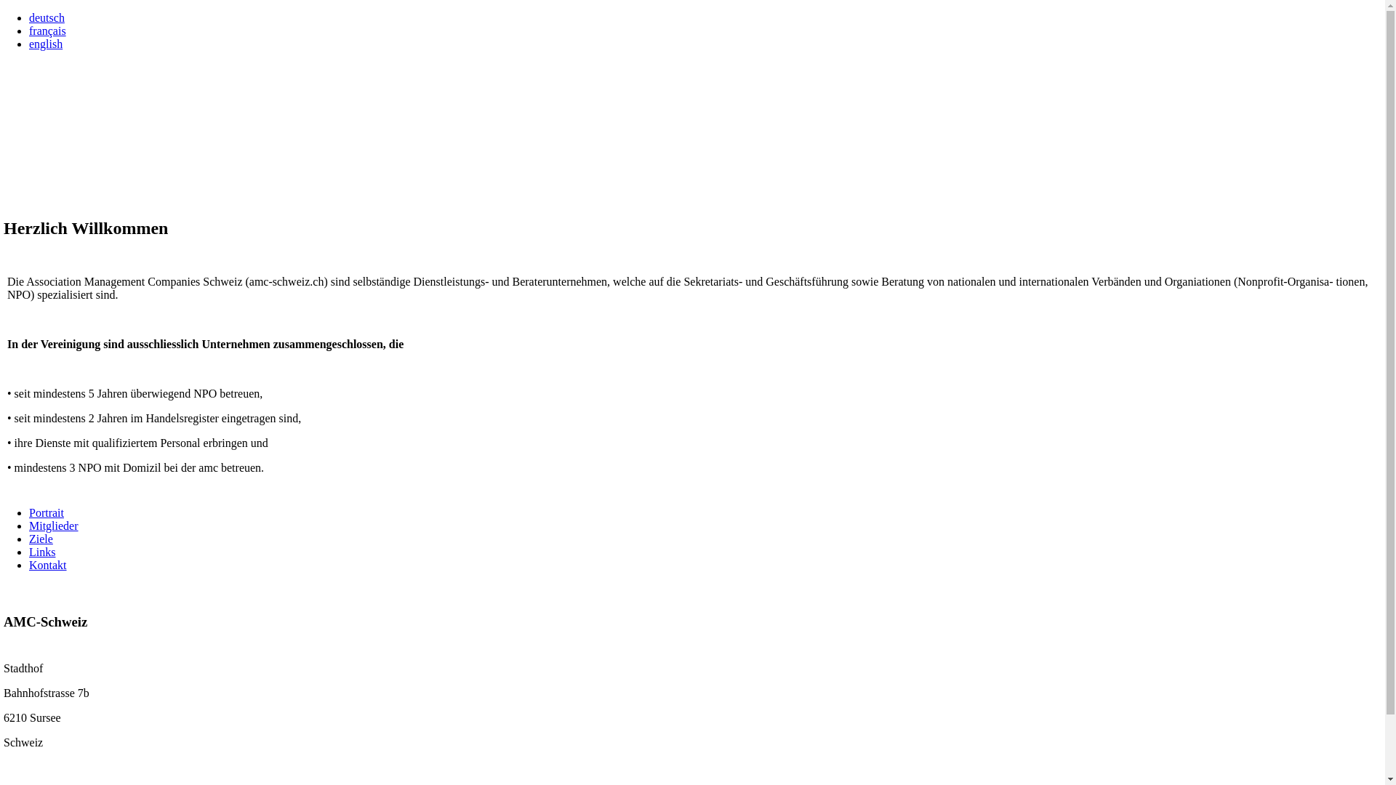 The height and width of the screenshot is (785, 1396). I want to click on 'Ziele', so click(41, 539).